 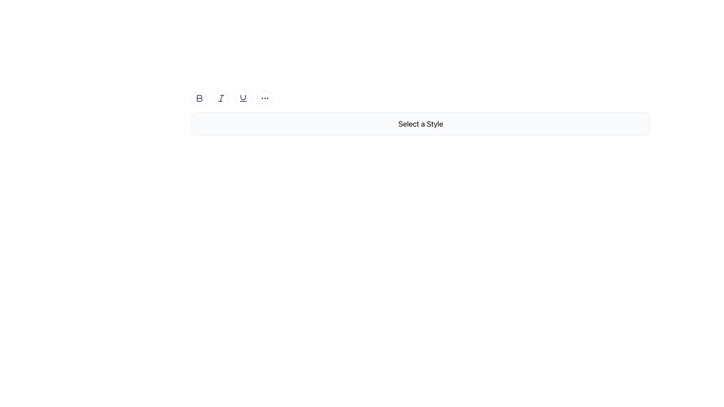 I want to click on the circular button with an italicized 'I' icon, so click(x=221, y=98).